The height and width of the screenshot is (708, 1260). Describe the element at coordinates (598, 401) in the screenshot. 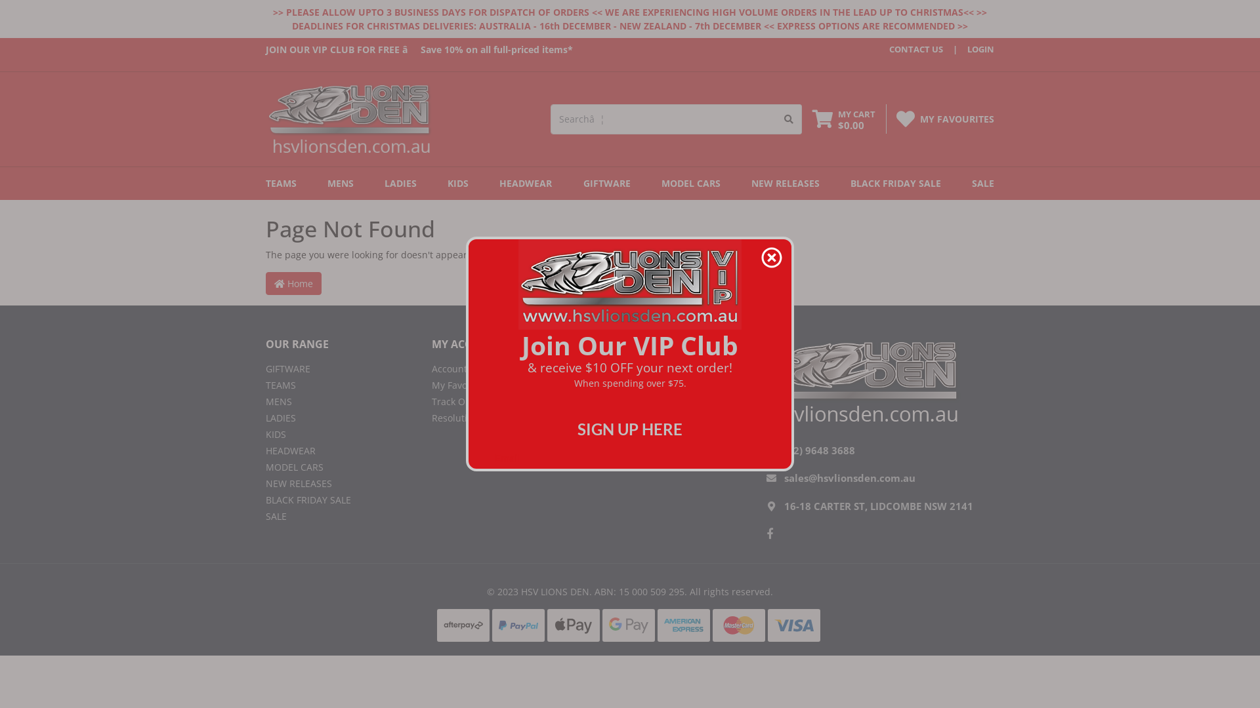

I see `'Terms of Use'` at that location.